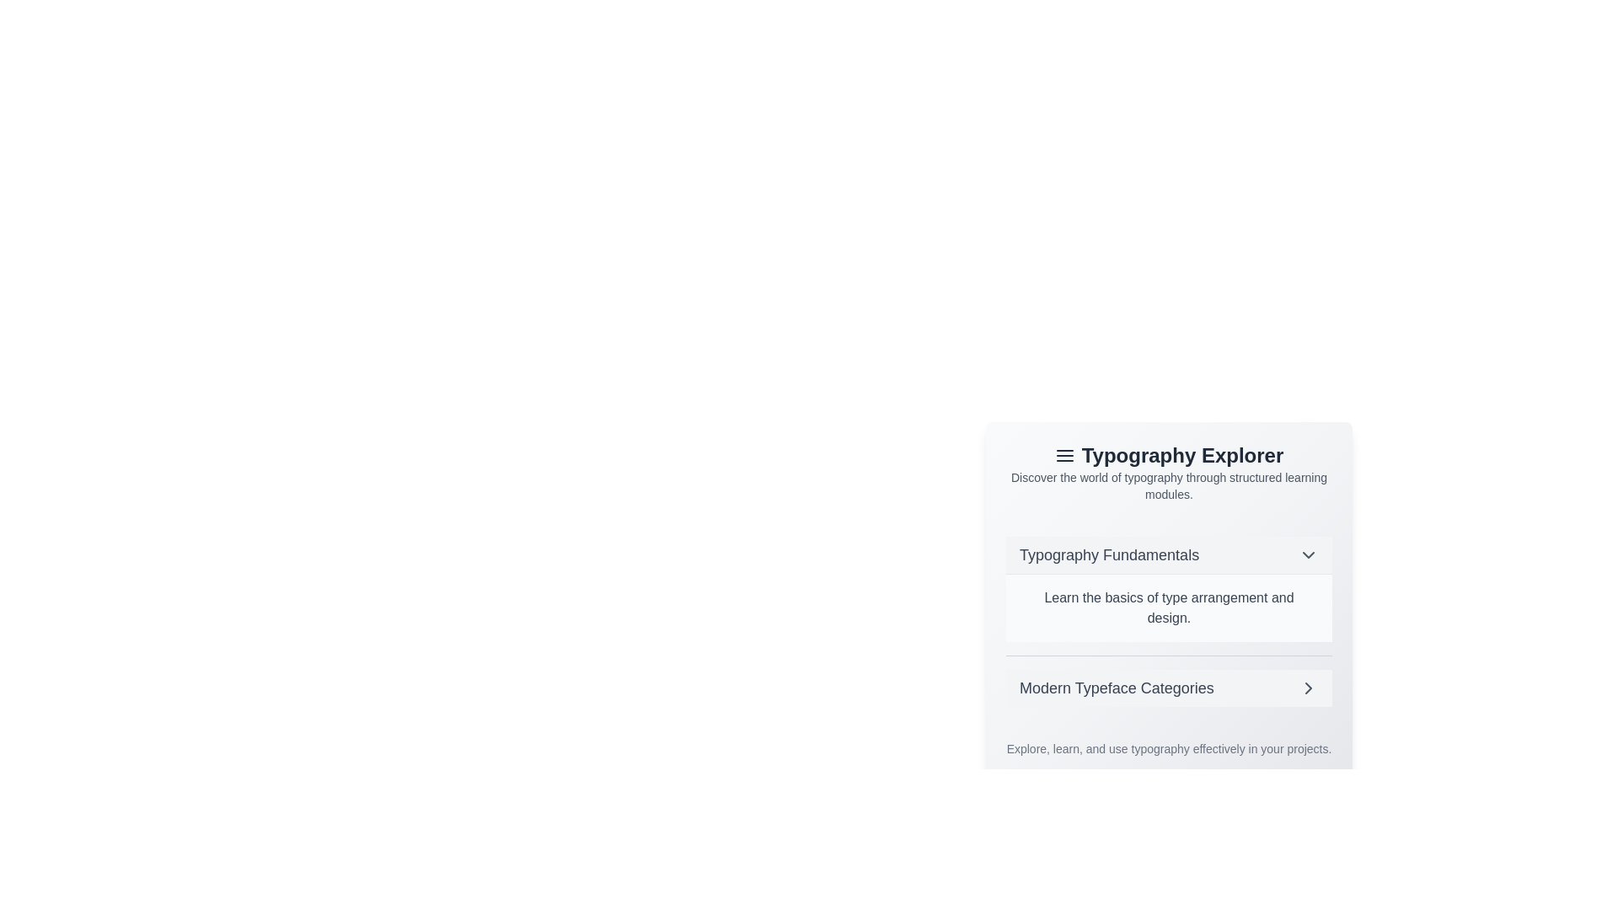  Describe the element at coordinates (1308, 688) in the screenshot. I see `the gray chevron-shaped navigation icon located to the far right of the 'Modern Typeface Categories' label` at that location.